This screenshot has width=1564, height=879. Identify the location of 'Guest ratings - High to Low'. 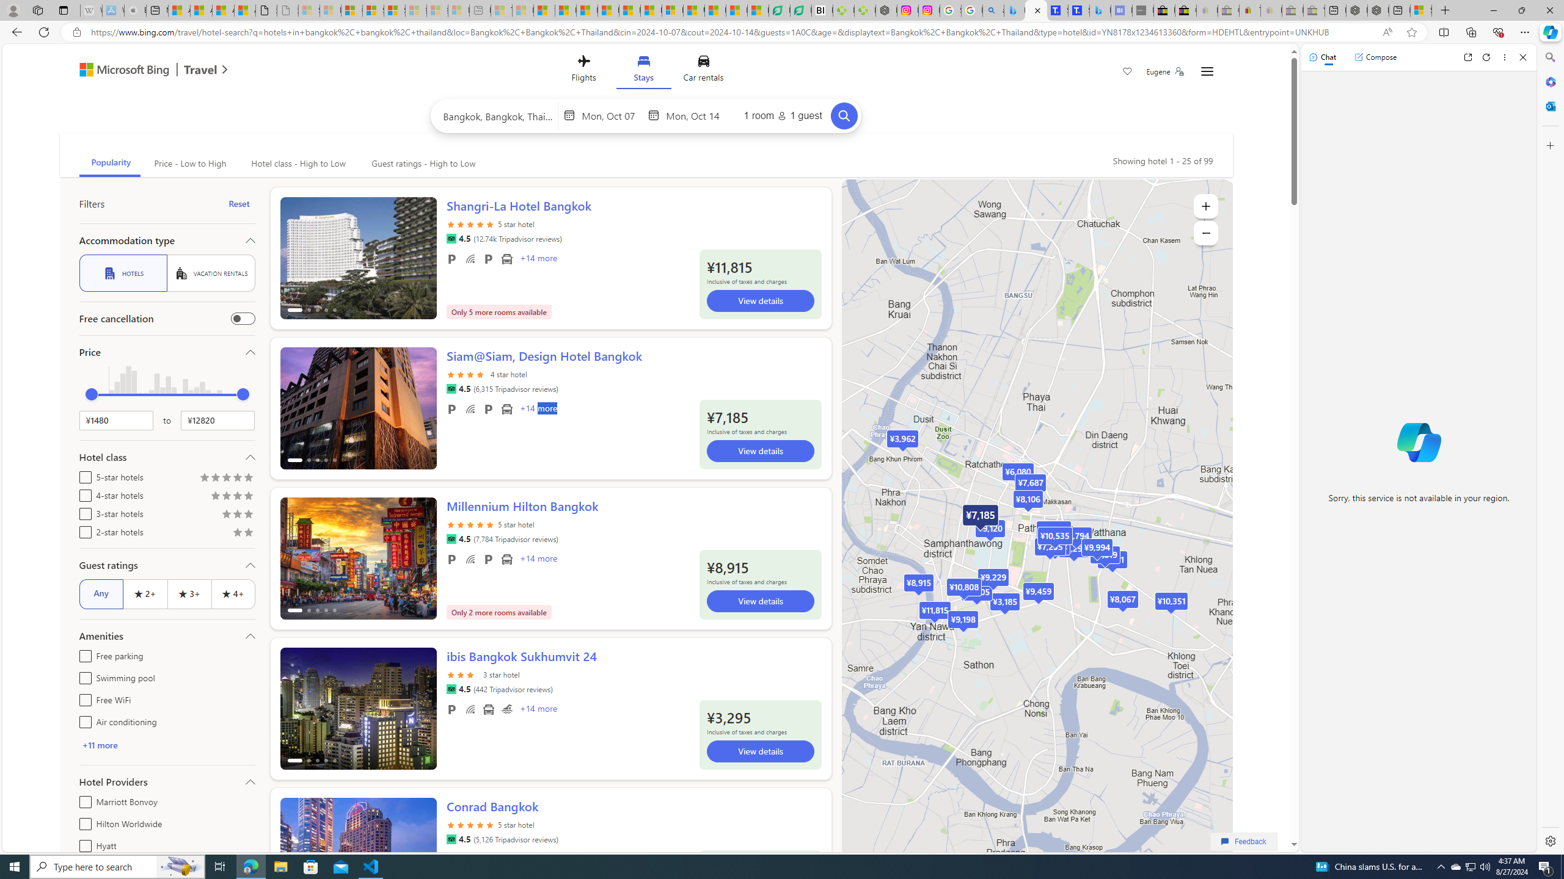
(422, 163).